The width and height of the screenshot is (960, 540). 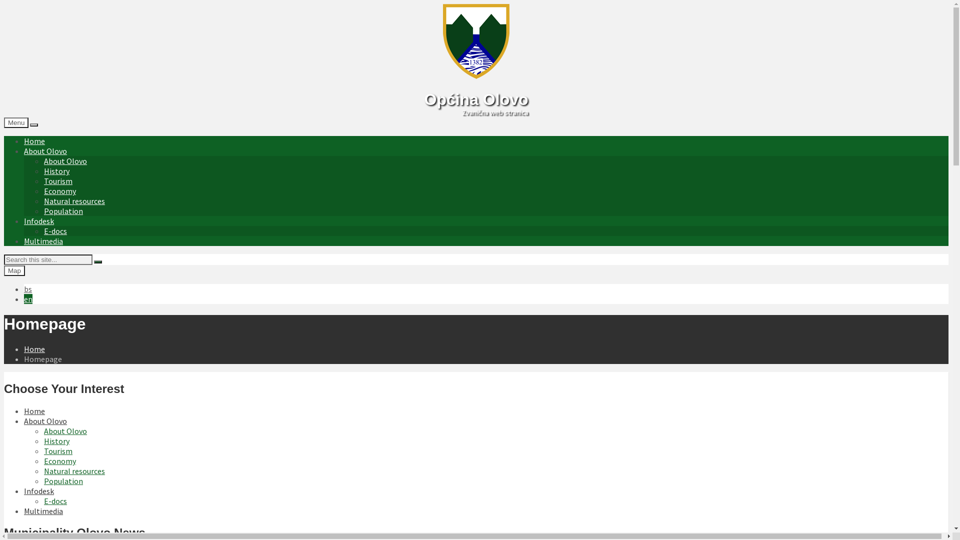 What do you see at coordinates (43, 451) in the screenshot?
I see `'Tourism'` at bounding box center [43, 451].